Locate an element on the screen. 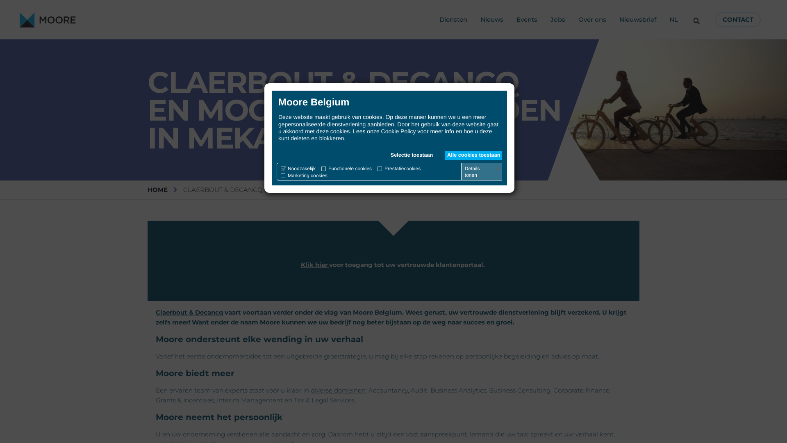 Image resolution: width=787 pixels, height=443 pixels. 'NL' is located at coordinates (673, 19).